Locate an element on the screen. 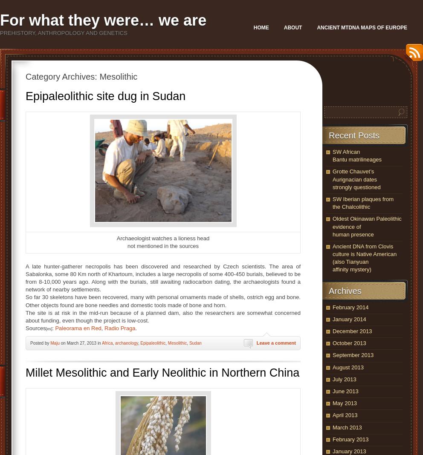 The height and width of the screenshot is (455, 423). 'February 2013' is located at coordinates (350, 439).